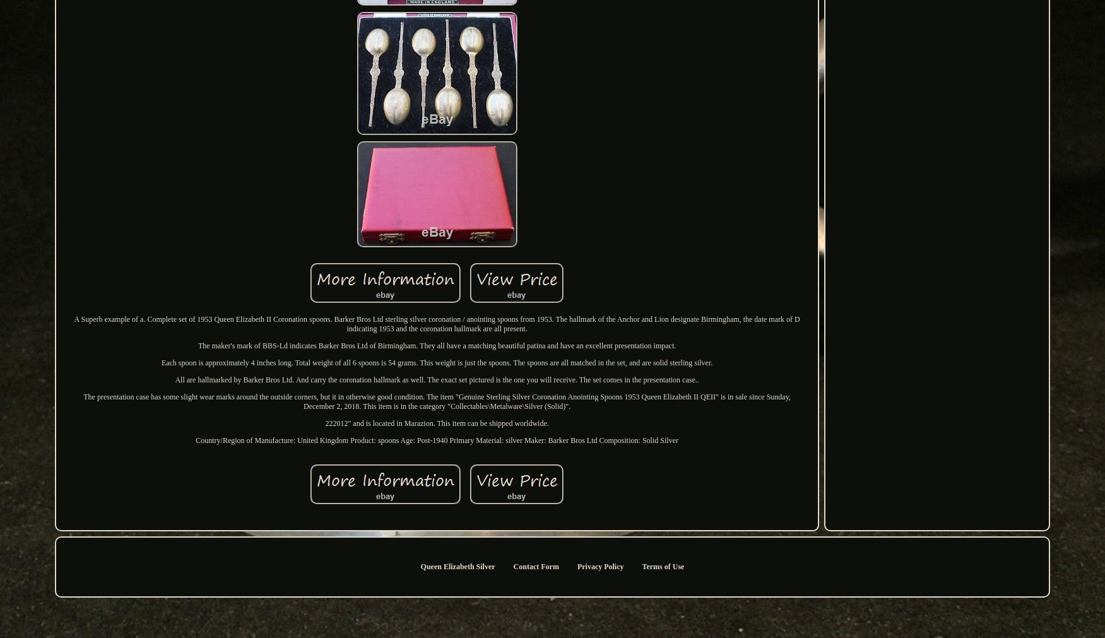  Describe the element at coordinates (436, 324) in the screenshot. I see `'A Superb example of a. Complete set of 1953 Queen Elizabeth II Coronation spoons. Barker Bros Ltd sterling silver coronation / anointing spoons from 1953. The hallmark of the Anchor and Lion designate Birmingham, the date mark of D indicating 1953 and the coronation hallmark are all present.'` at that location.